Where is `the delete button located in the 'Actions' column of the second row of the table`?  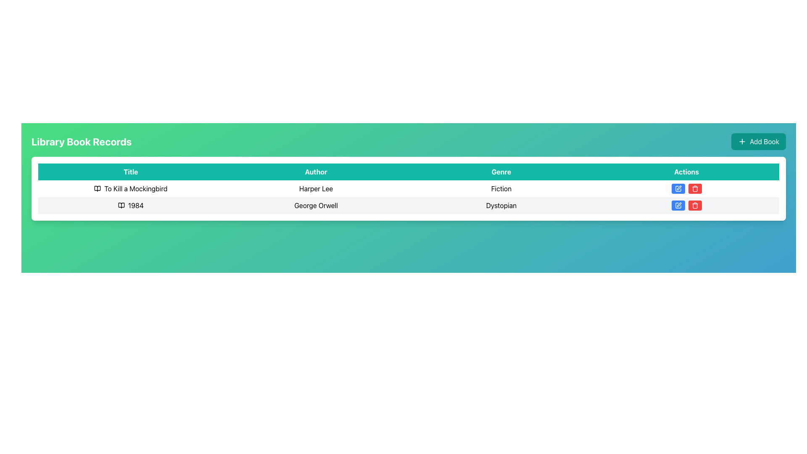 the delete button located in the 'Actions' column of the second row of the table is located at coordinates (695, 188).